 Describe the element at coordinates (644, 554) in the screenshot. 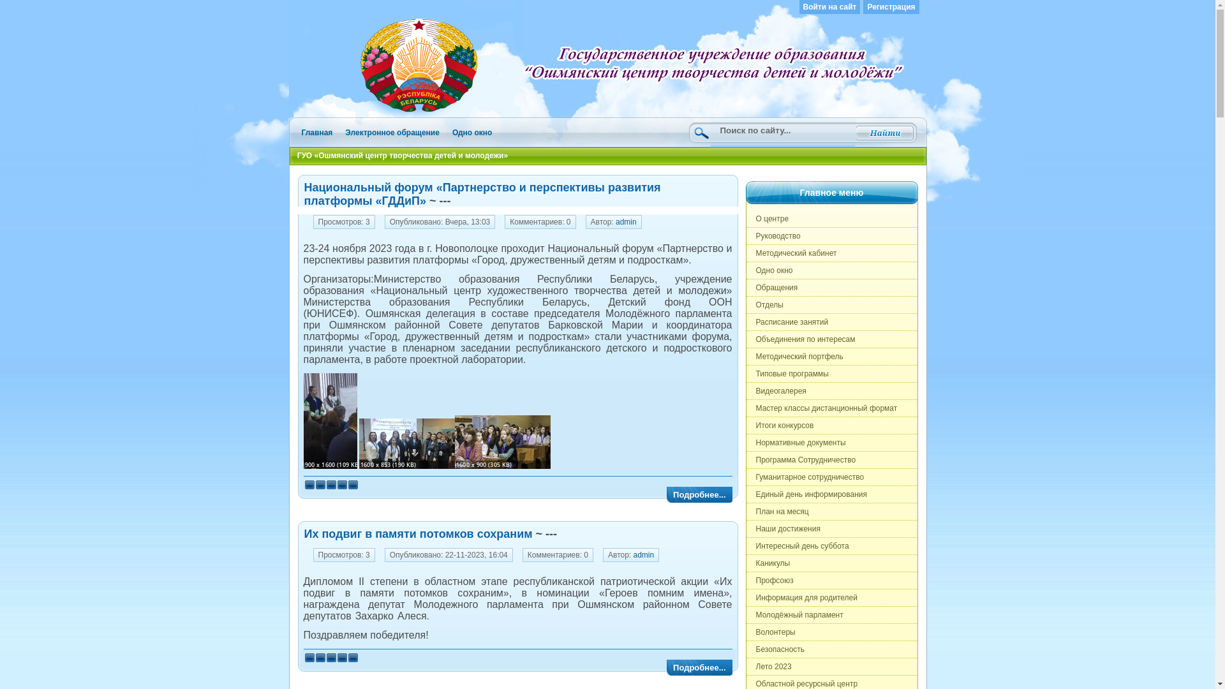

I see `'admin'` at that location.